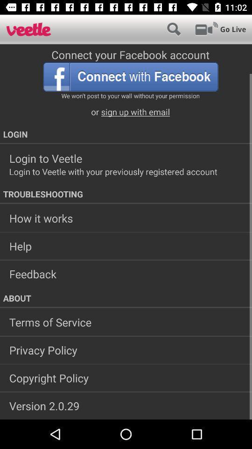 The image size is (252, 449). What do you see at coordinates (174, 29) in the screenshot?
I see `search` at bounding box center [174, 29].